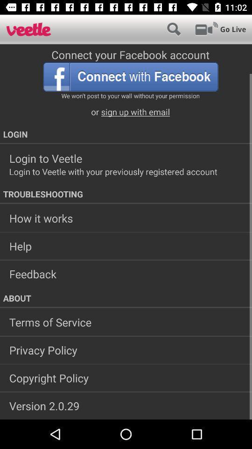 The image size is (252, 449). What do you see at coordinates (174, 29) in the screenshot?
I see `search` at bounding box center [174, 29].